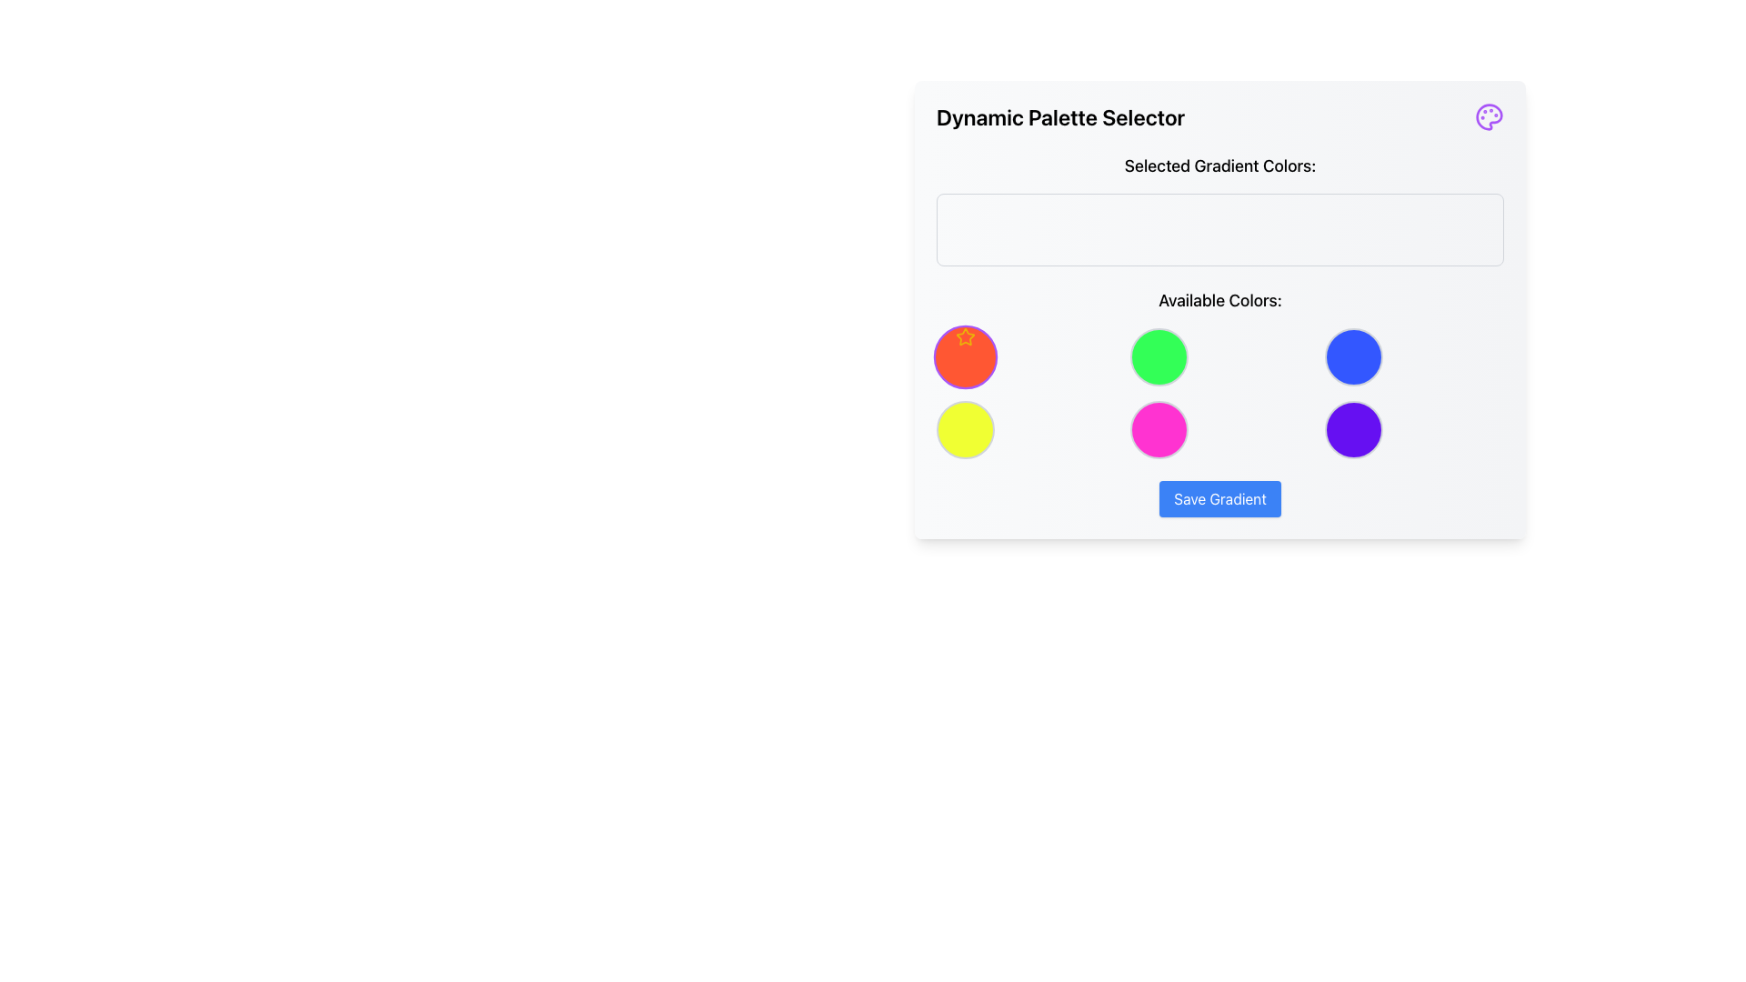 Image resolution: width=1746 pixels, height=982 pixels. What do you see at coordinates (1220, 300) in the screenshot?
I see `the text label that reads 'Available Colors:' which is styled as a section heading with medium font weight, positioned centrally above a grid of circular colored selectors` at bounding box center [1220, 300].